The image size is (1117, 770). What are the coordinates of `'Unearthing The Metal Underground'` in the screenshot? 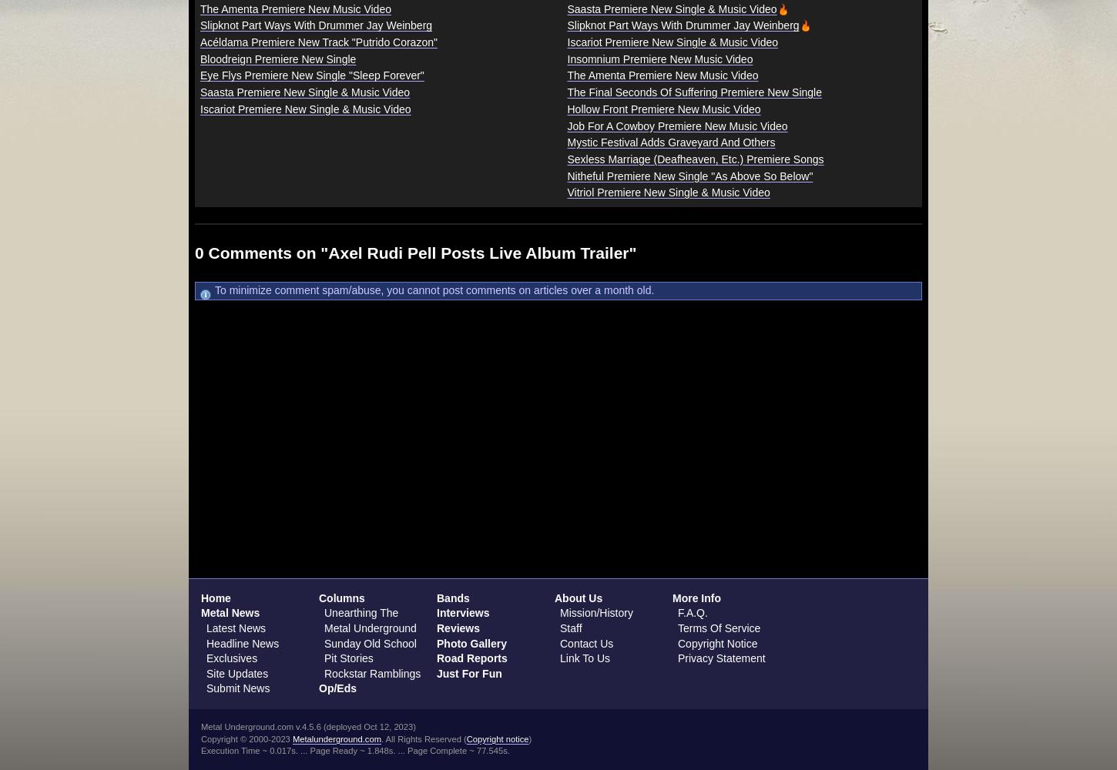 It's located at (369, 621).